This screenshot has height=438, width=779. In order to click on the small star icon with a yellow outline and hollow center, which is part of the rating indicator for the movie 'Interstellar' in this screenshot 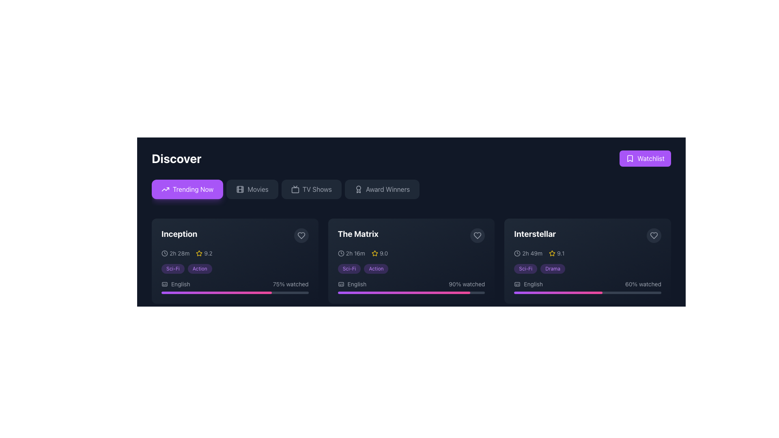, I will do `click(552, 253)`.